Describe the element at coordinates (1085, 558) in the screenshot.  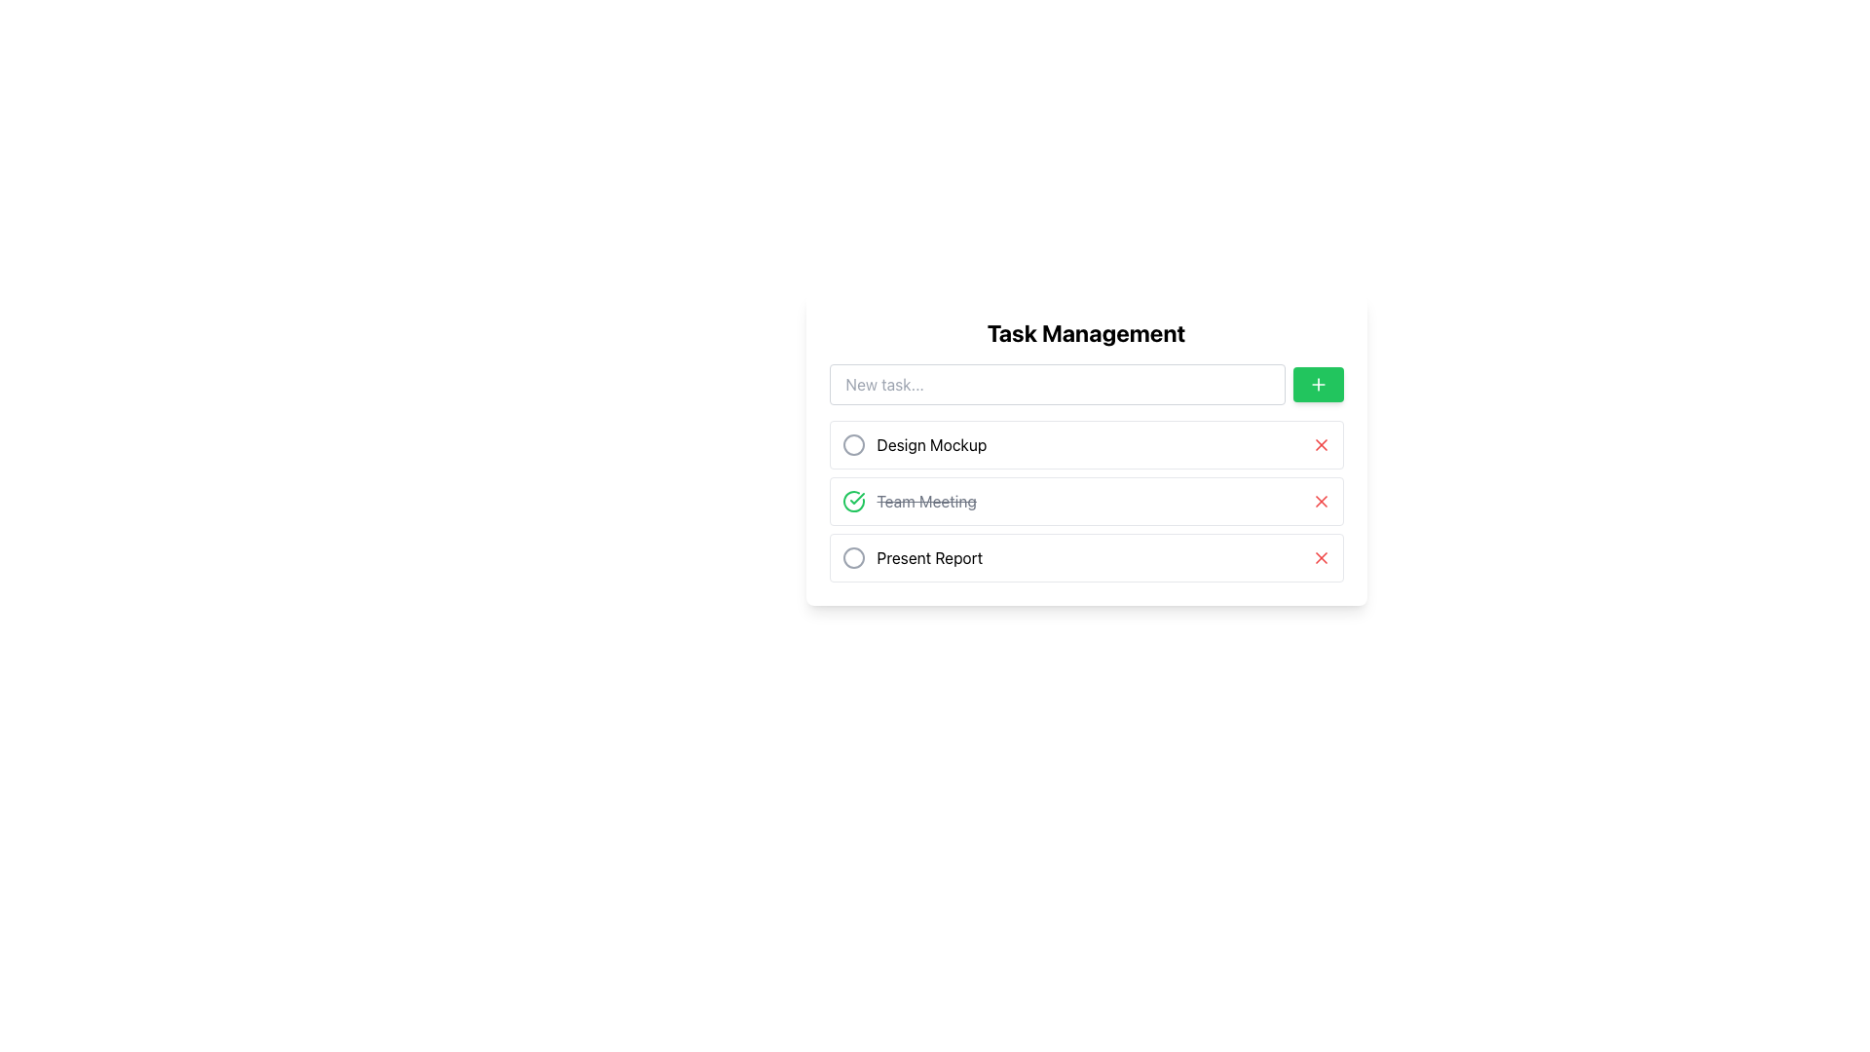
I see `the Interactive Task Item labeled 'Present Report'` at that location.